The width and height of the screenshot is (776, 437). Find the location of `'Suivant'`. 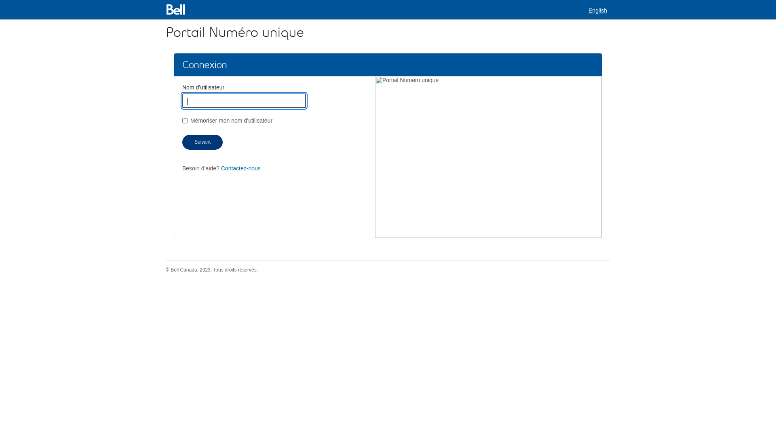

'Suivant' is located at coordinates (202, 142).